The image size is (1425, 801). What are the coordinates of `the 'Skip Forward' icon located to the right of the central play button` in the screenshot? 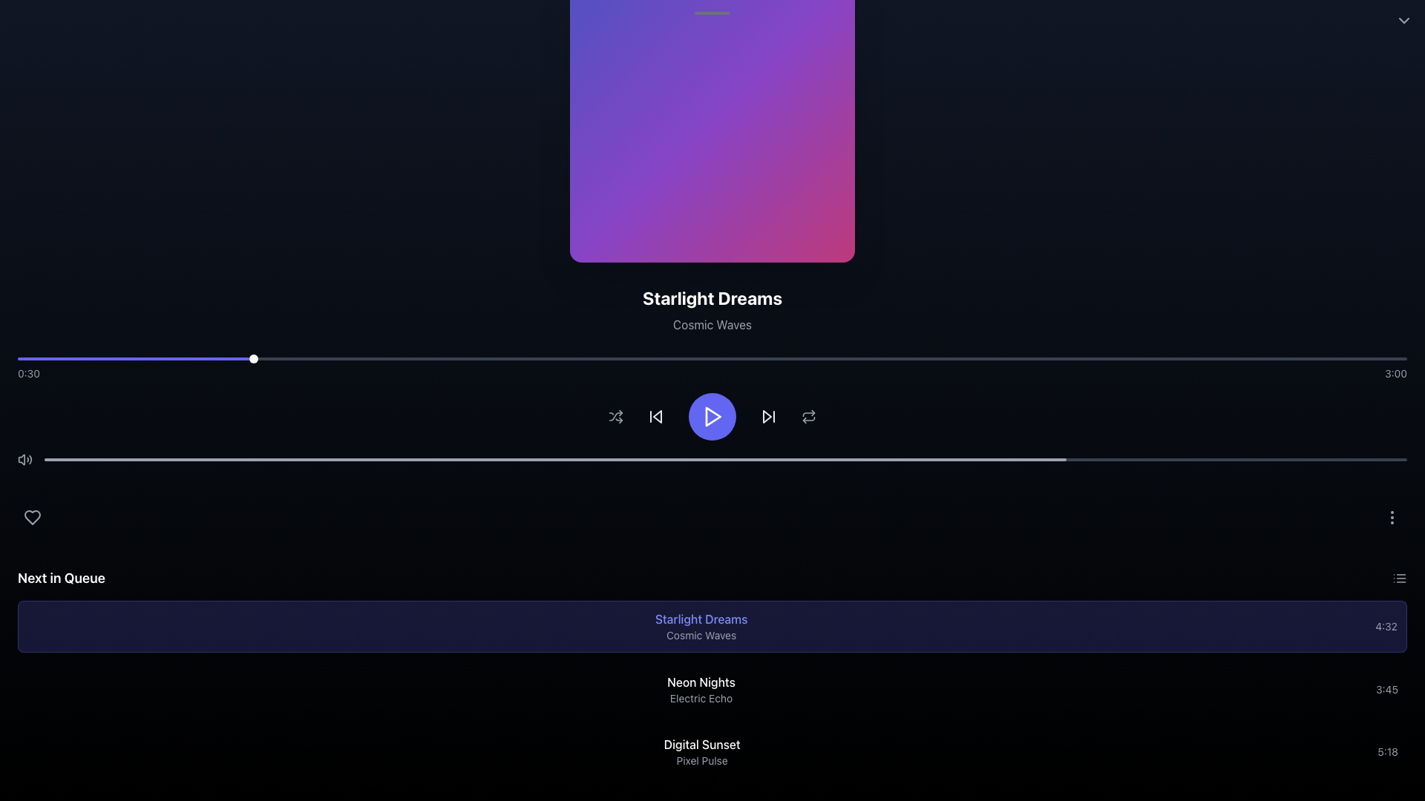 It's located at (767, 417).